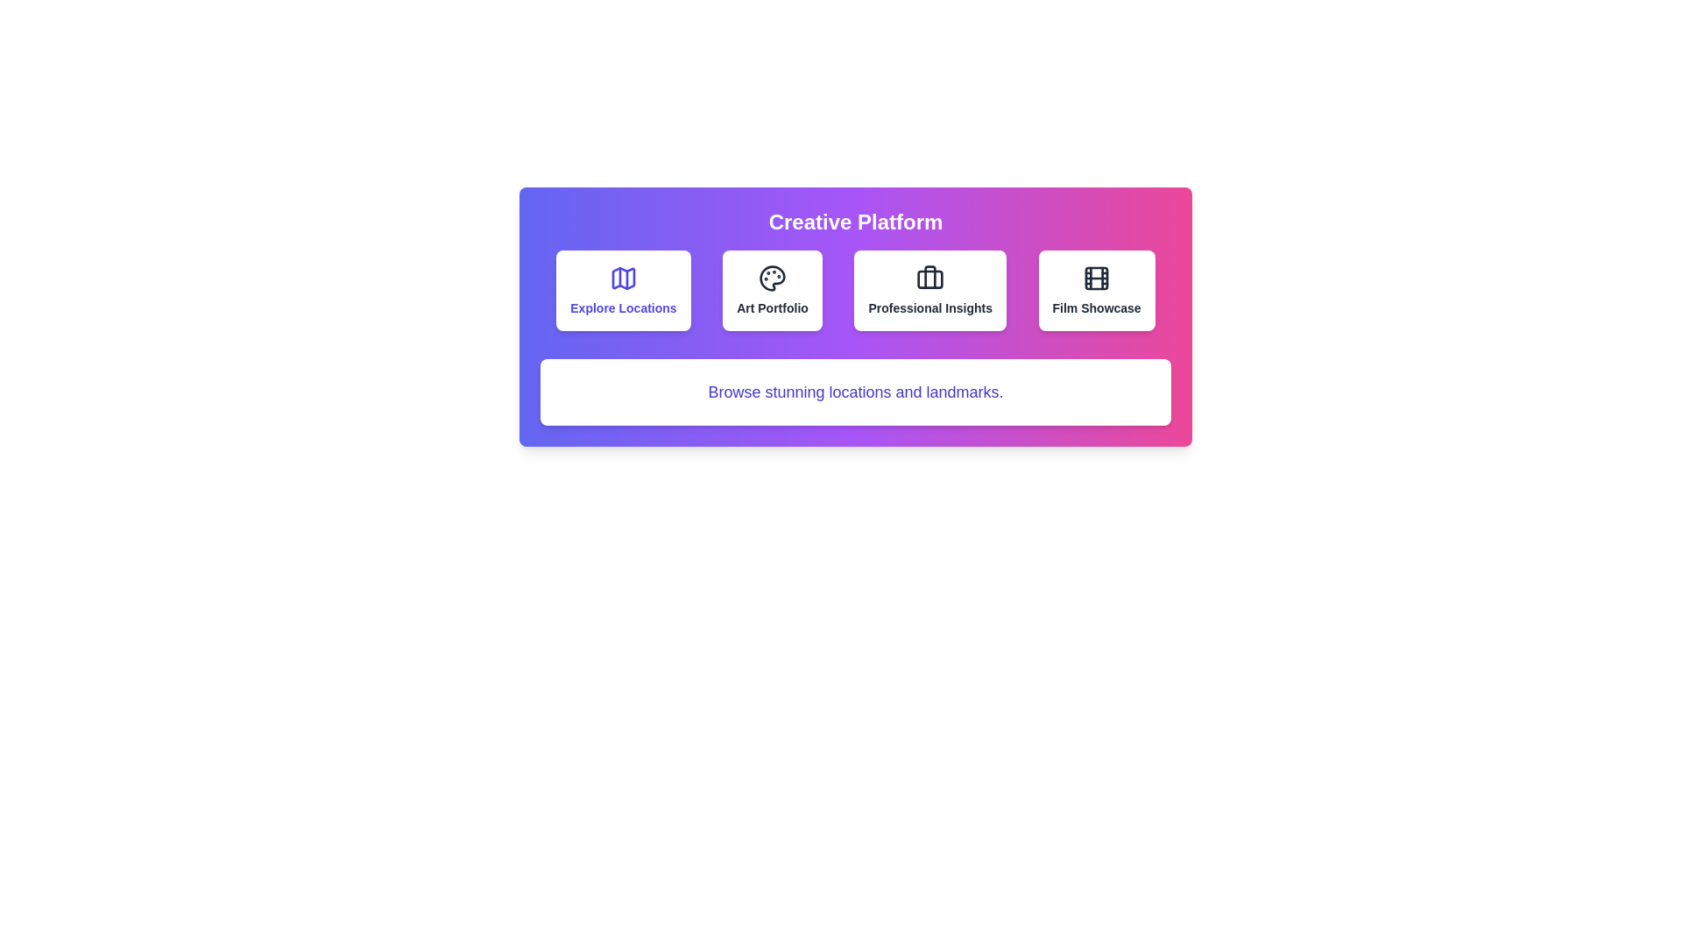 The width and height of the screenshot is (1682, 946). Describe the element at coordinates (772, 289) in the screenshot. I see `the button corresponding to the category Art Portfolio to select it` at that location.